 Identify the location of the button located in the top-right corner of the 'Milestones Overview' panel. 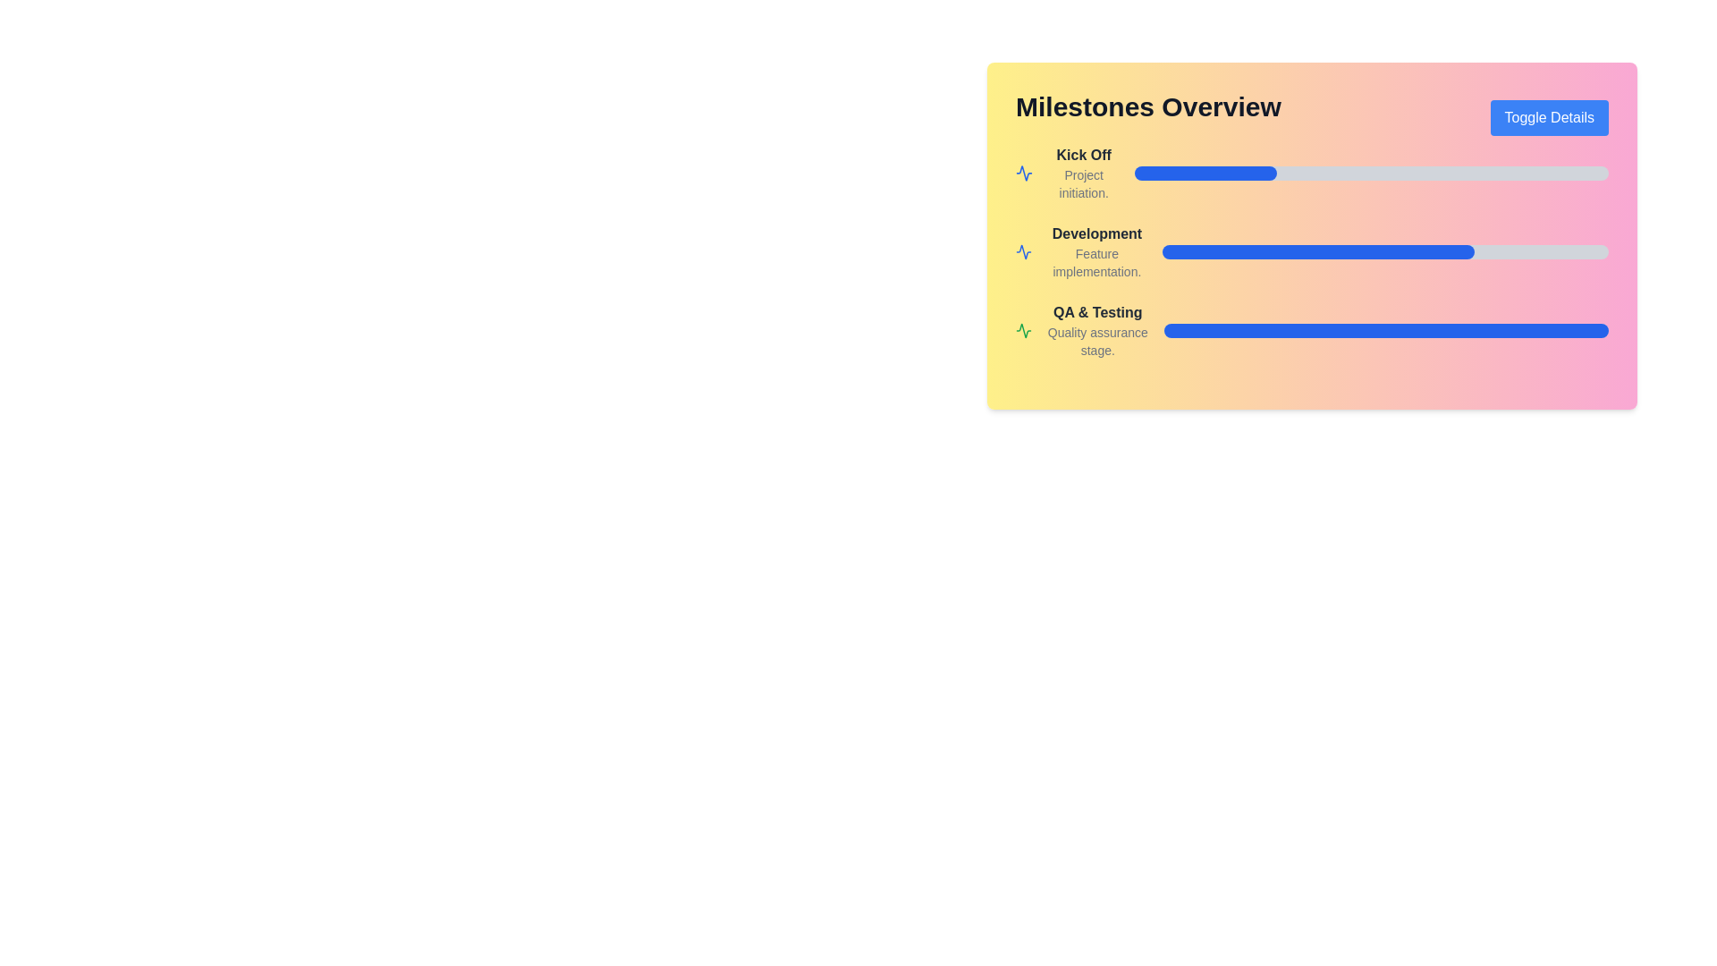
(1548, 117).